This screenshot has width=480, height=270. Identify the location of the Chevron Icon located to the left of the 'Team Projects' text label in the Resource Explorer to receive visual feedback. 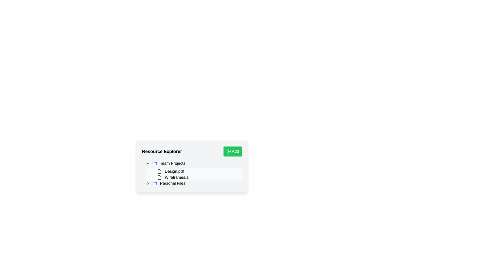
(148, 163).